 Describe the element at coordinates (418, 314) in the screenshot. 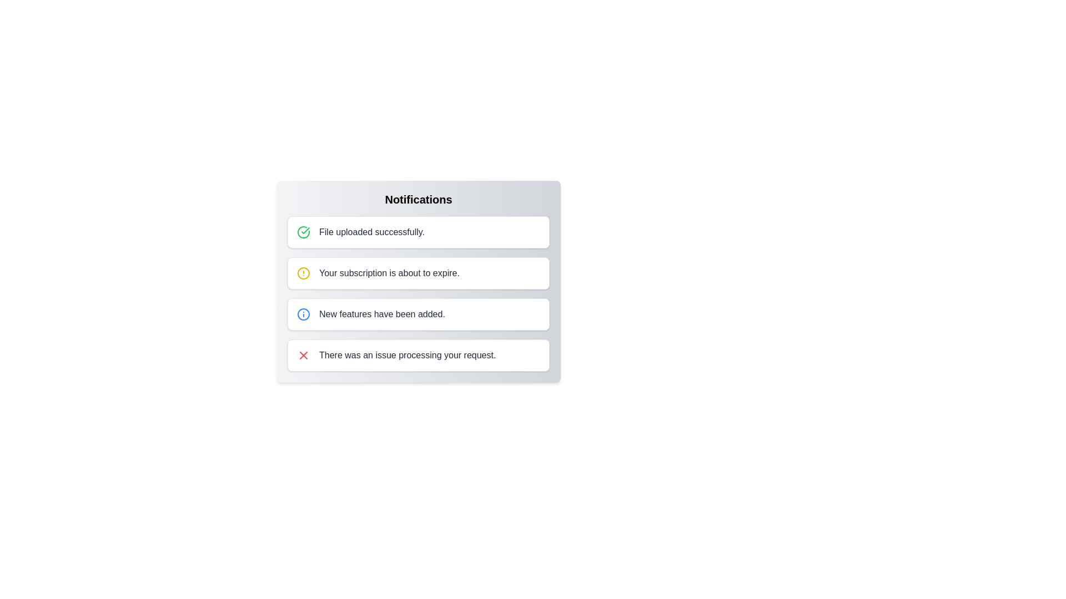

I see `the Notification card that informs the user about new features, positioned as the third card in a vertical list of four cards` at that location.